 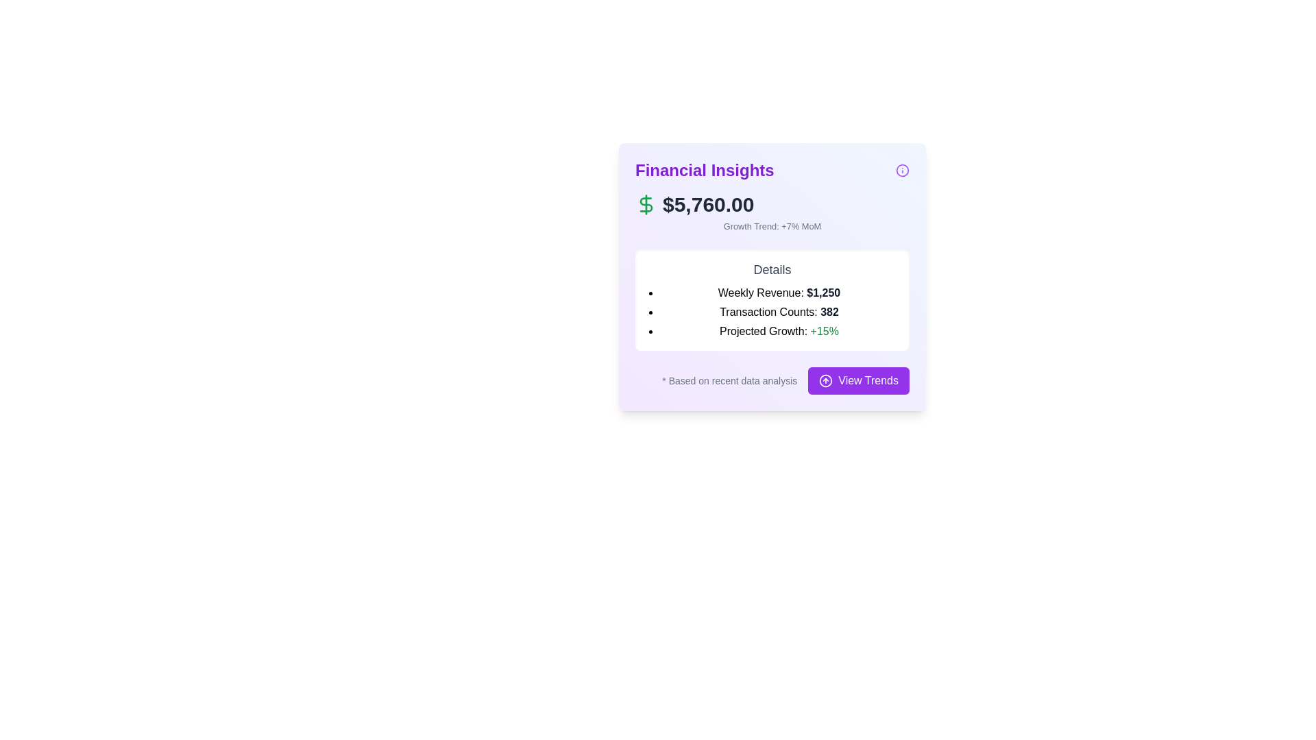 What do you see at coordinates (824, 331) in the screenshot?
I see `the Text Label displaying '+15%' which is located in the 'Details' section of the card, aligned to the right of 'Projected Growth:'` at bounding box center [824, 331].